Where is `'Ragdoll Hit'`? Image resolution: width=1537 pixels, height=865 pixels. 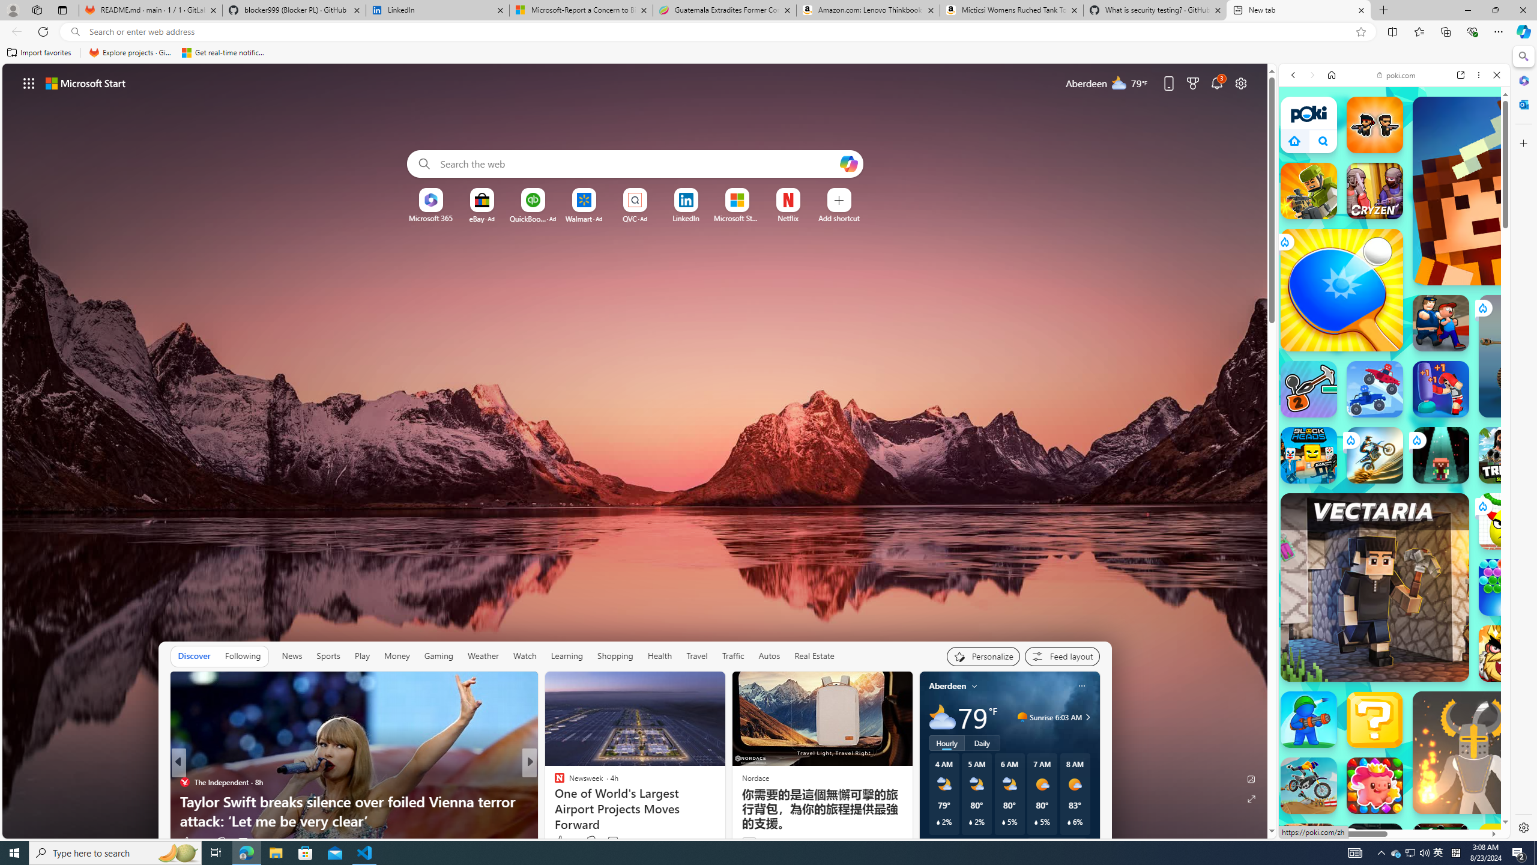 'Ragdoll Hit' is located at coordinates (1473, 752).